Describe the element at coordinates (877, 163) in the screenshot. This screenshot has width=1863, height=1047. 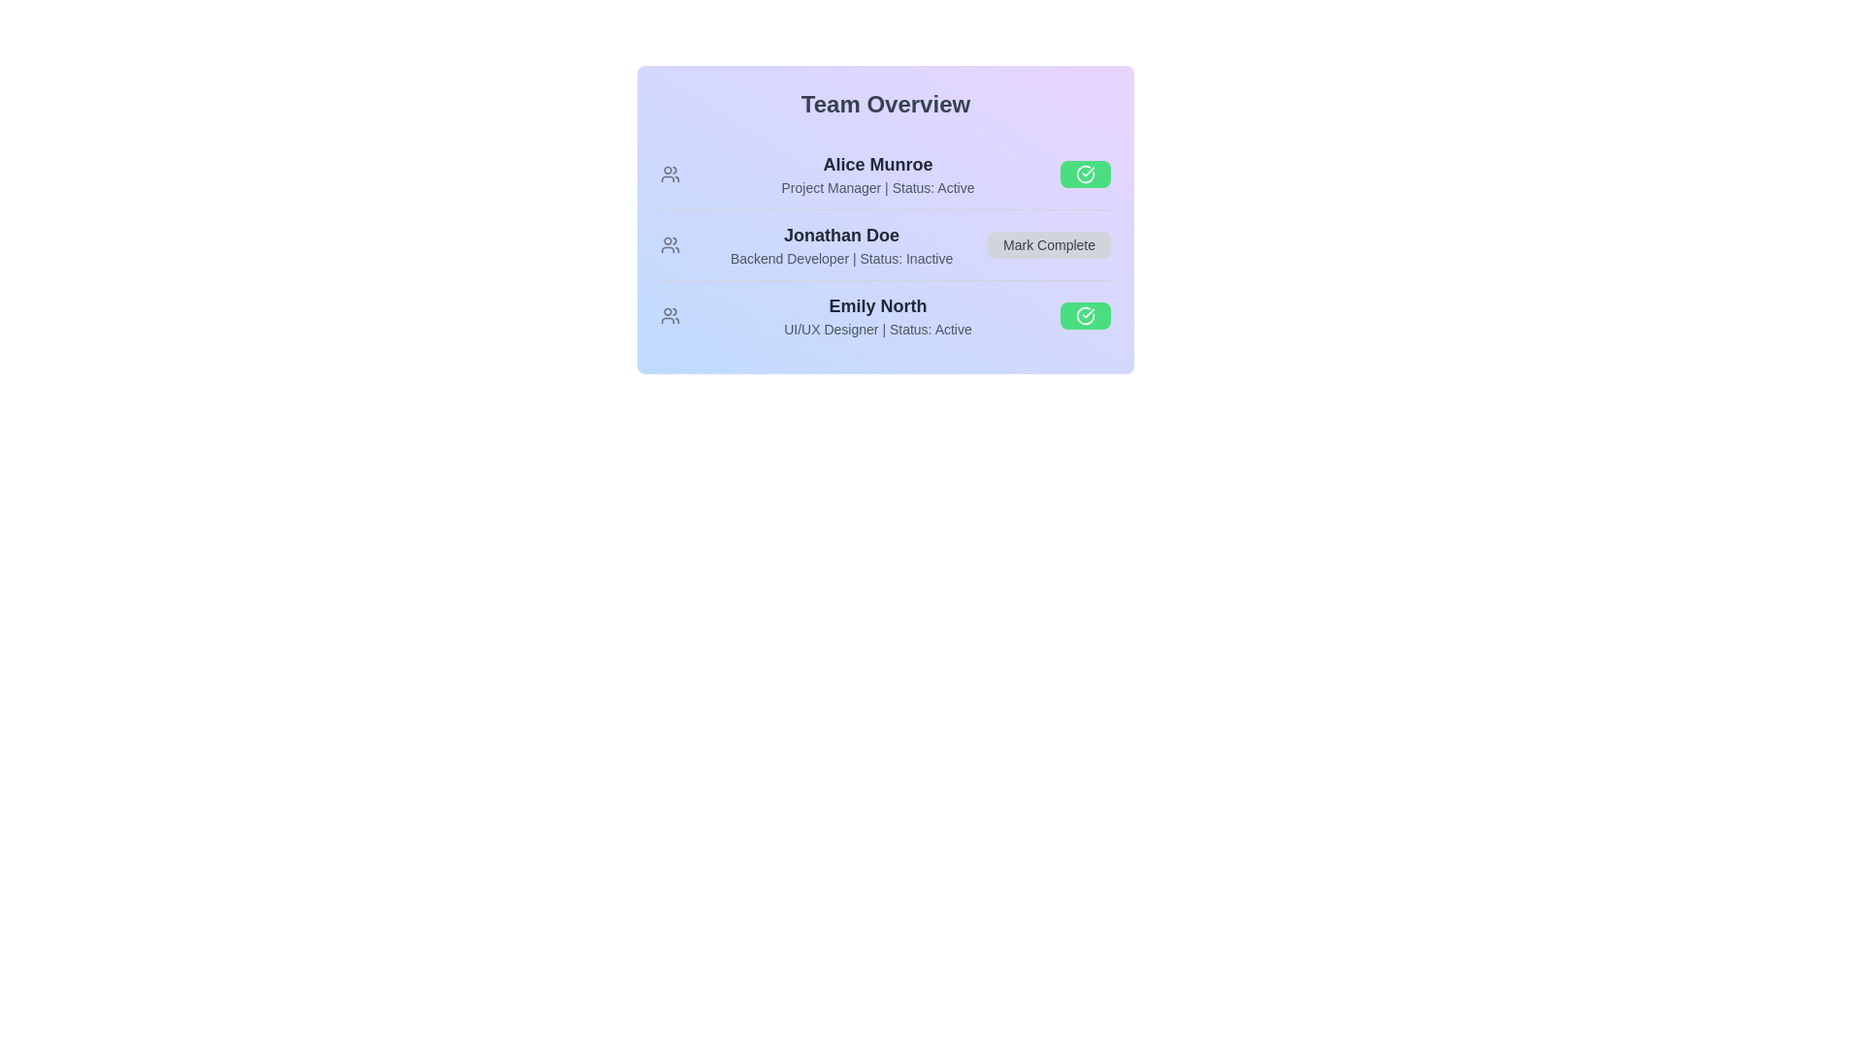
I see `the name of a team member to view their details` at that location.